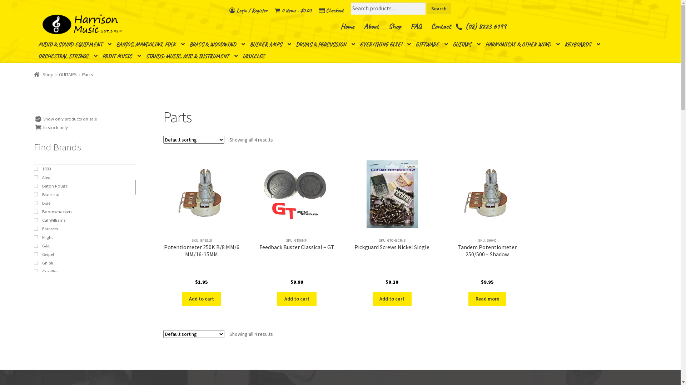  I want to click on 'UKULELES', so click(256, 56).